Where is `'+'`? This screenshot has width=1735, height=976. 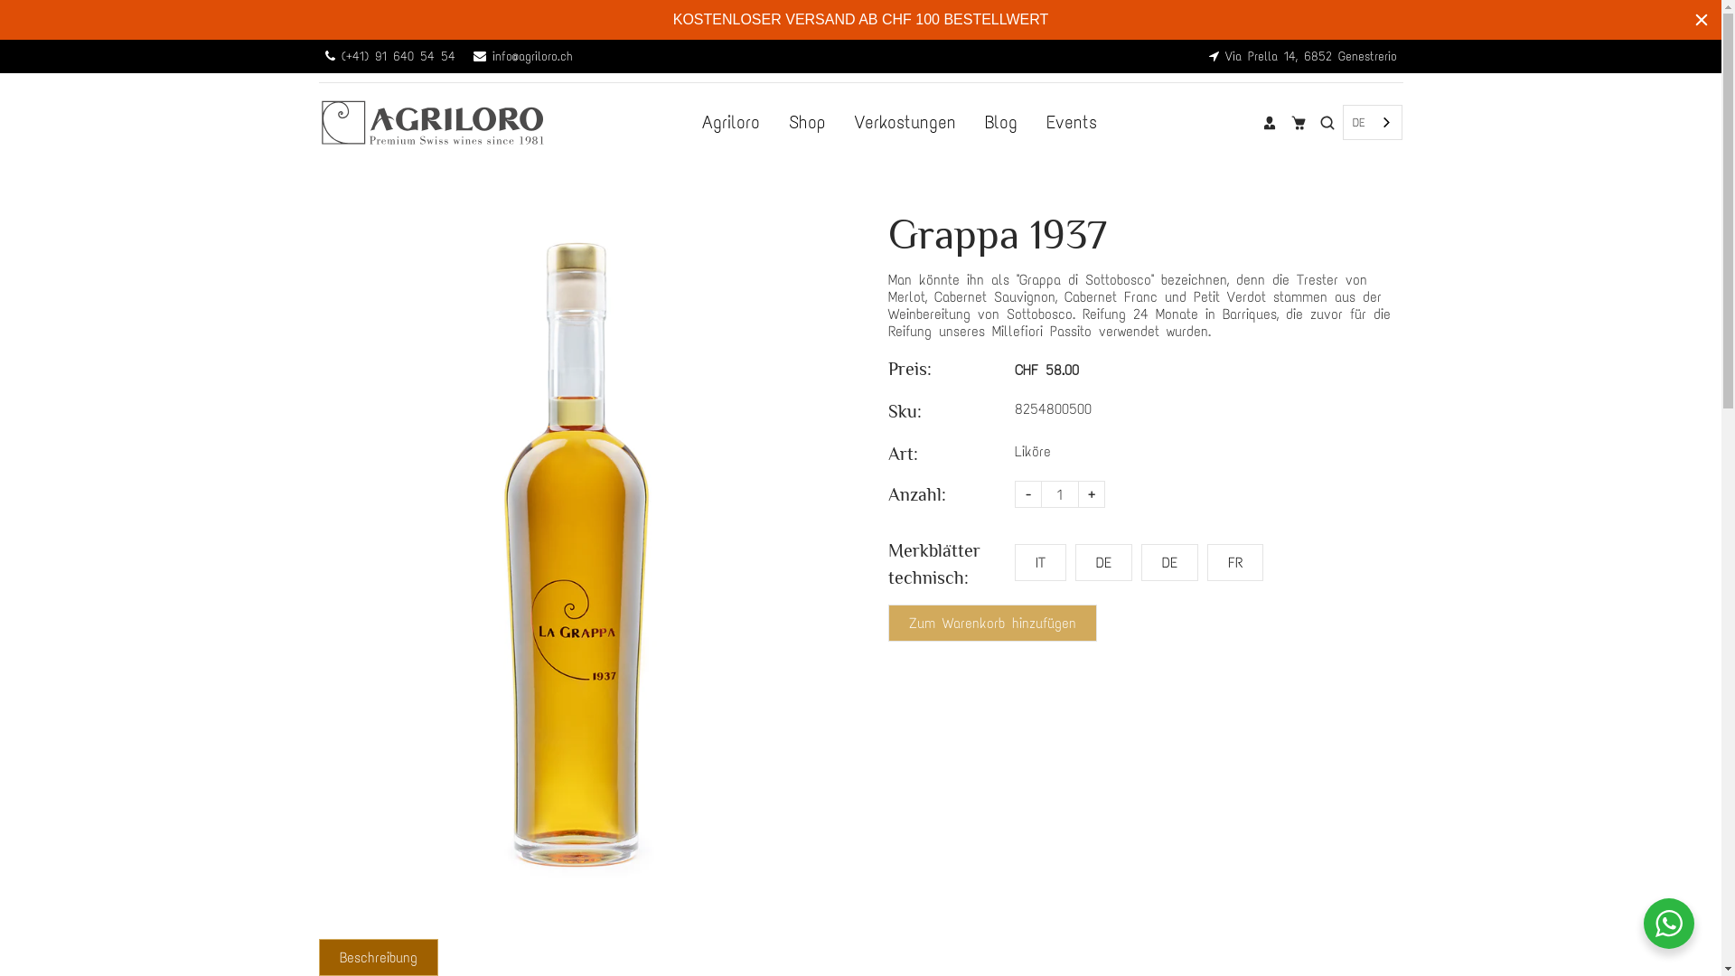
'+' is located at coordinates (1089, 494).